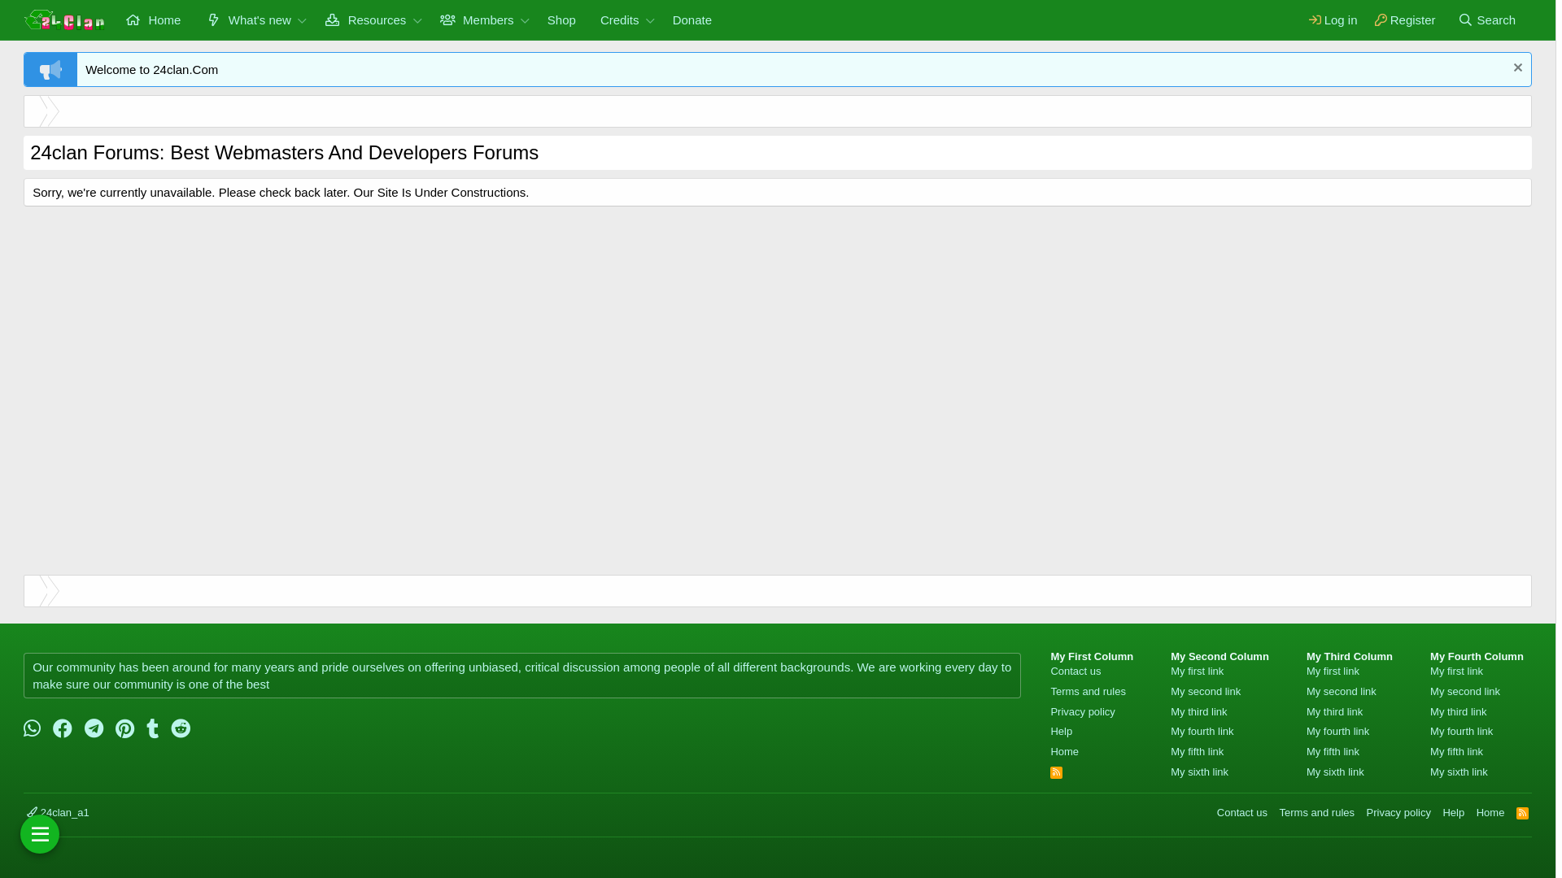  What do you see at coordinates (58, 812) in the screenshot?
I see `'24clan_a1'` at bounding box center [58, 812].